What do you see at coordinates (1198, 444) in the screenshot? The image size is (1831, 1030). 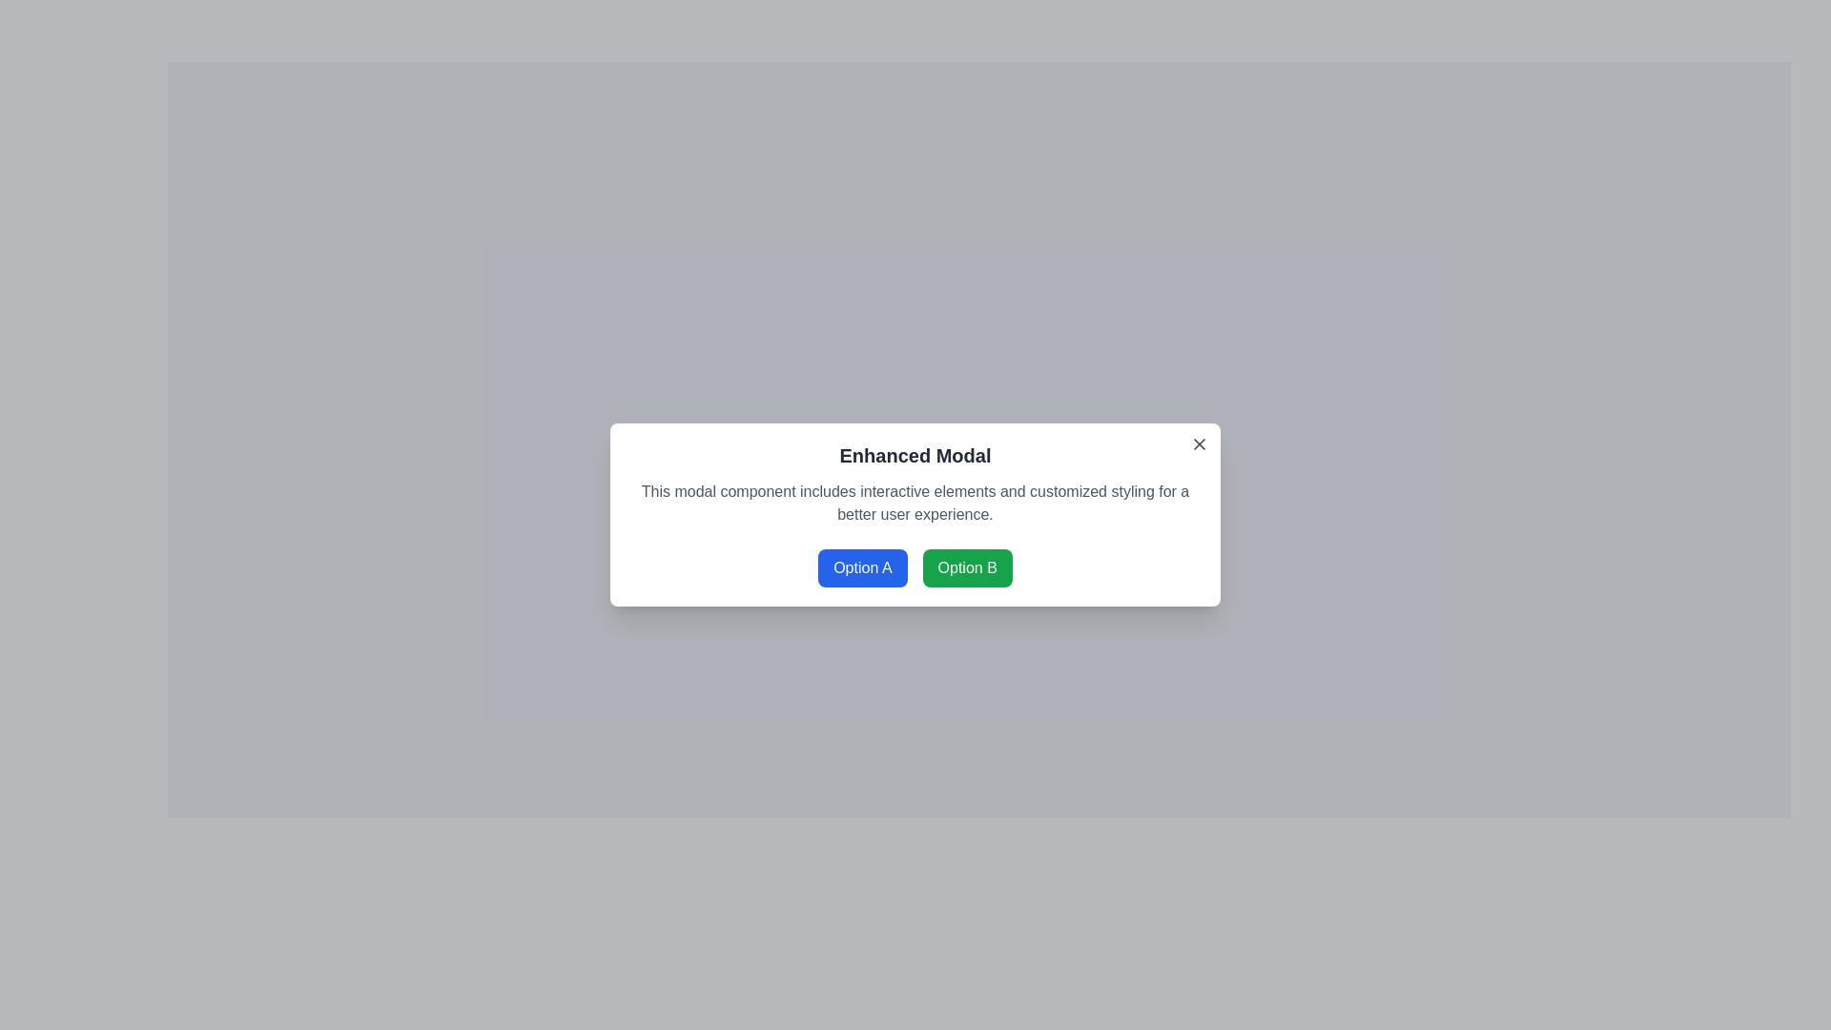 I see `the small 'X' button located at the top-right corner of the modal window to trigger its hover effects` at bounding box center [1198, 444].